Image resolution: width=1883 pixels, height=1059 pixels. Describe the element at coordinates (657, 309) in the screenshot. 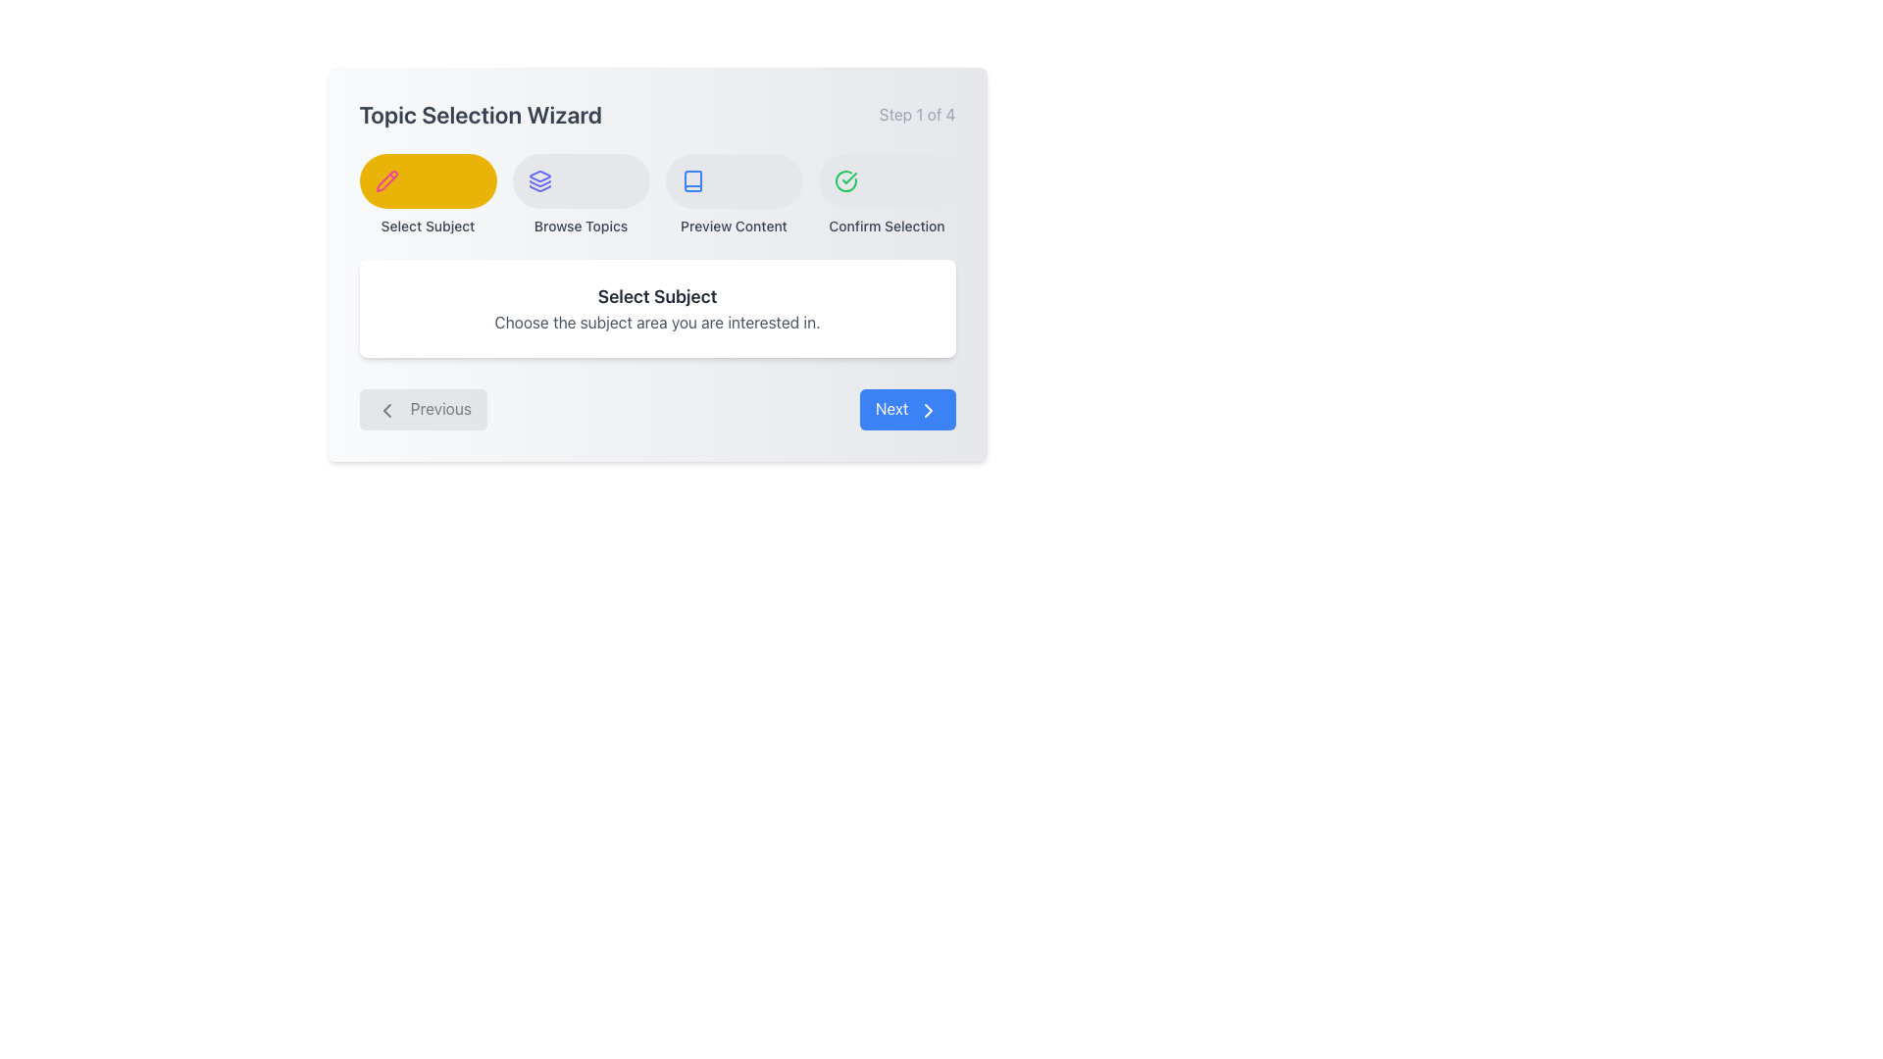

I see `the informational card located centrally beneath the 'Topic Selection Wizard' title section, which provides introductory context for selecting a subject in the wizard` at that location.